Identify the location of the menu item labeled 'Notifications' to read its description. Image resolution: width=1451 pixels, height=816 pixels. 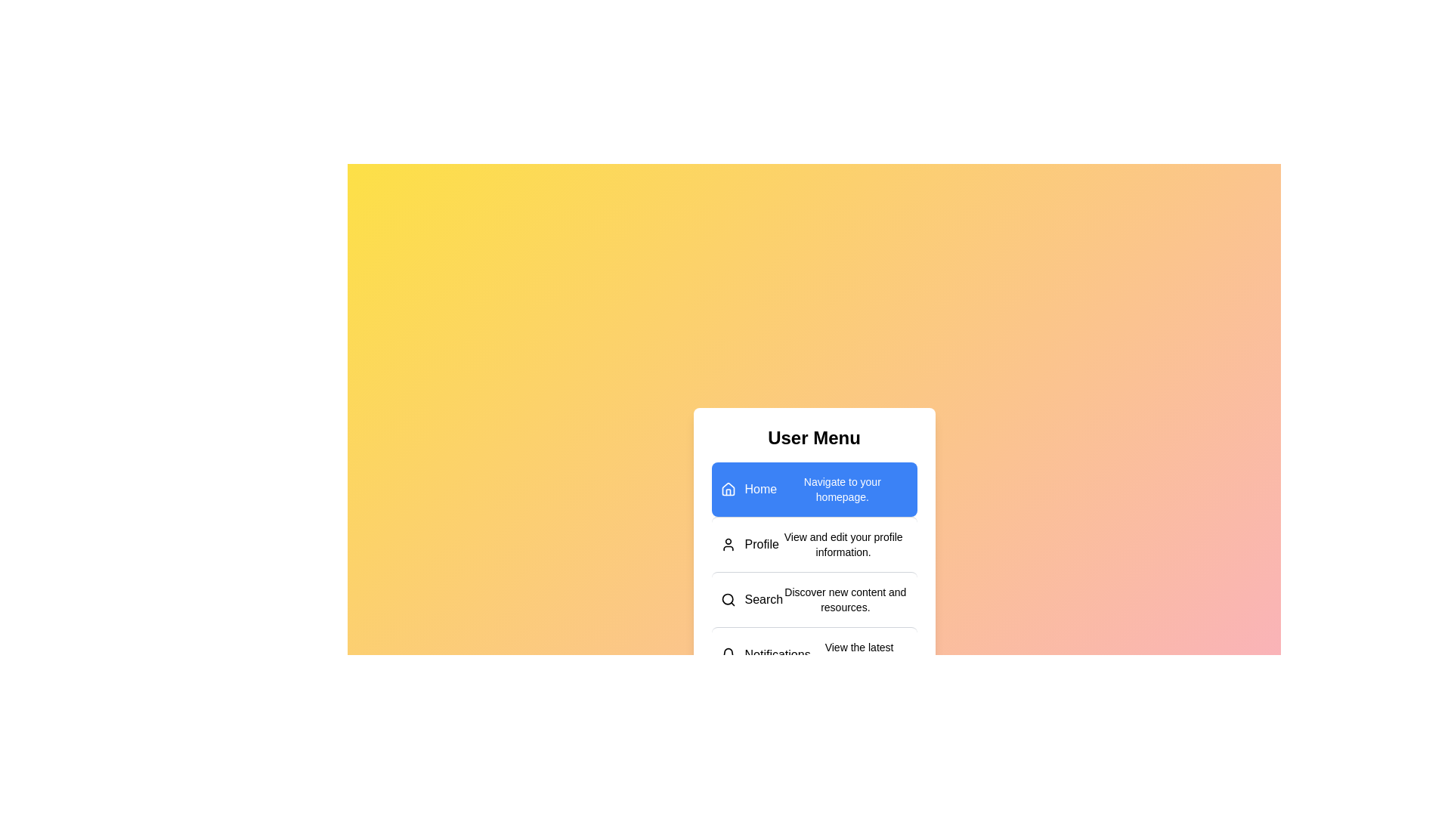
(813, 654).